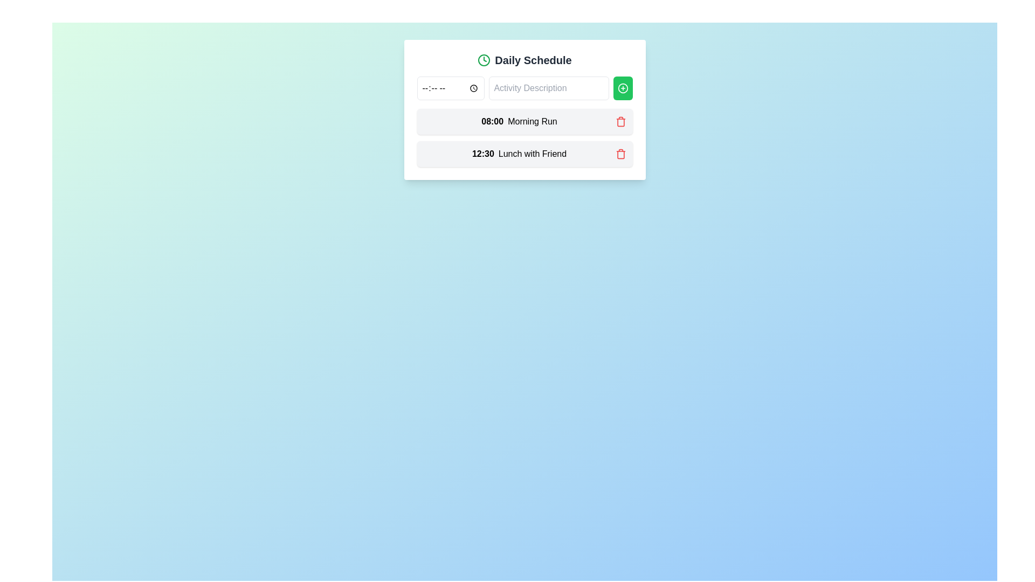  Describe the element at coordinates (484, 60) in the screenshot. I see `the clock icon, which is styled with a circular outline and clock hands, positioned to the left of the 'Daily Schedule' text` at that location.